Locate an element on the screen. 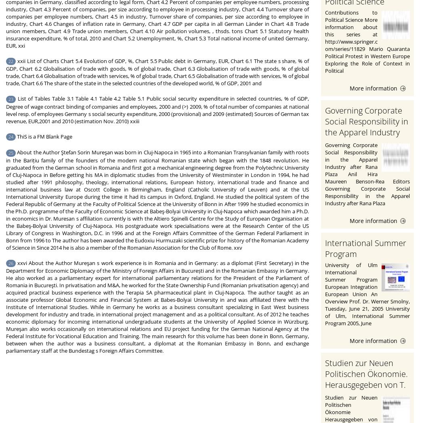 This screenshot has width=424, height=423. 'ThiS is a FM Blank Page' is located at coordinates (44, 136).